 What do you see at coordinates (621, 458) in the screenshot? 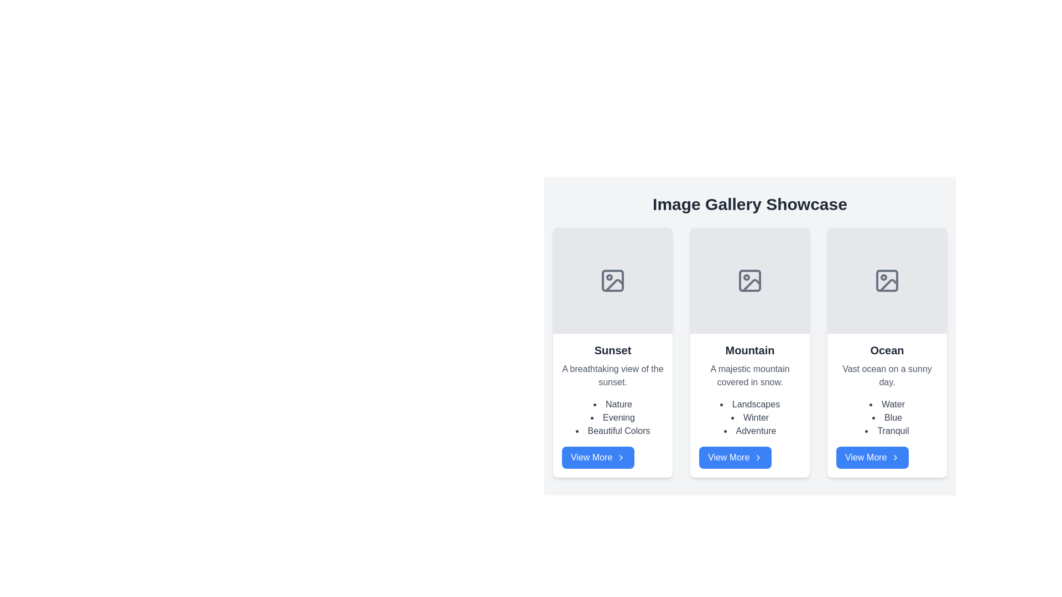
I see `the right-pointing arrow icon located within the 'View More' button under the 'Sunset' section` at bounding box center [621, 458].